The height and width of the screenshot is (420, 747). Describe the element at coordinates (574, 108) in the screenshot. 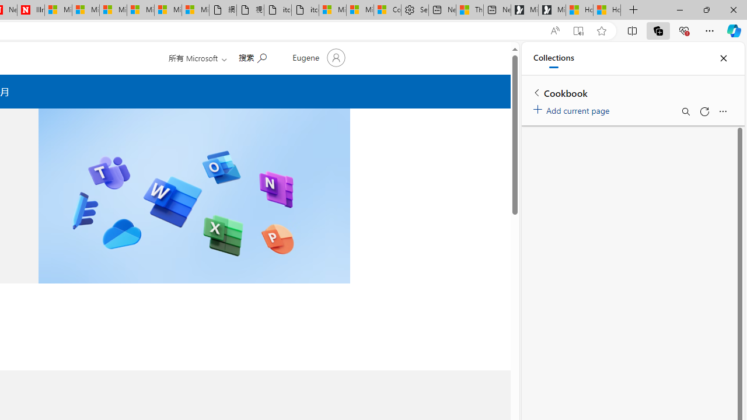

I see `'Add current page'` at that location.